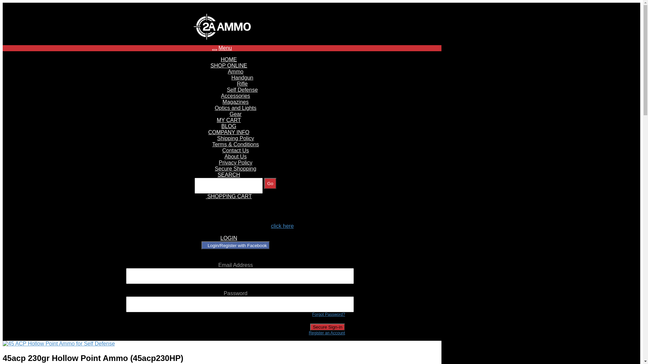 This screenshot has height=364, width=648. Describe the element at coordinates (235, 245) in the screenshot. I see `'Login/Register with Facebook'` at that location.